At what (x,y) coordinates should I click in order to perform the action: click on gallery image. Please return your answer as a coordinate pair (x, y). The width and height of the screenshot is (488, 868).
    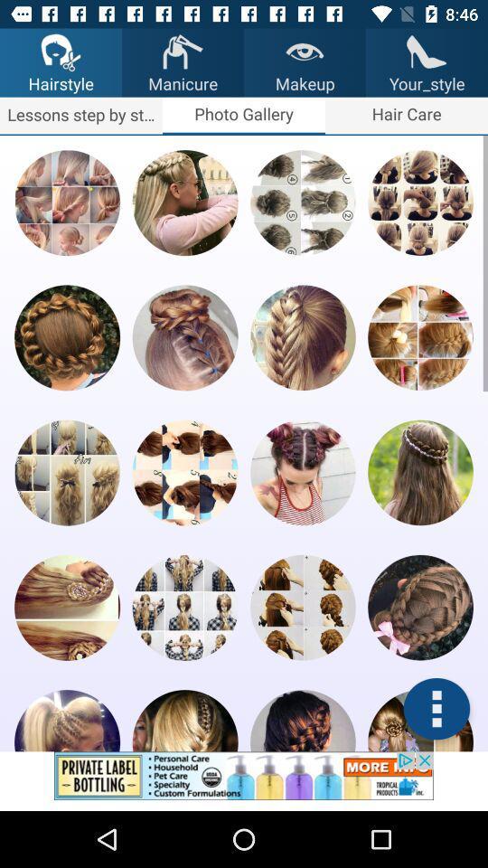
    Looking at the image, I should click on (66, 203).